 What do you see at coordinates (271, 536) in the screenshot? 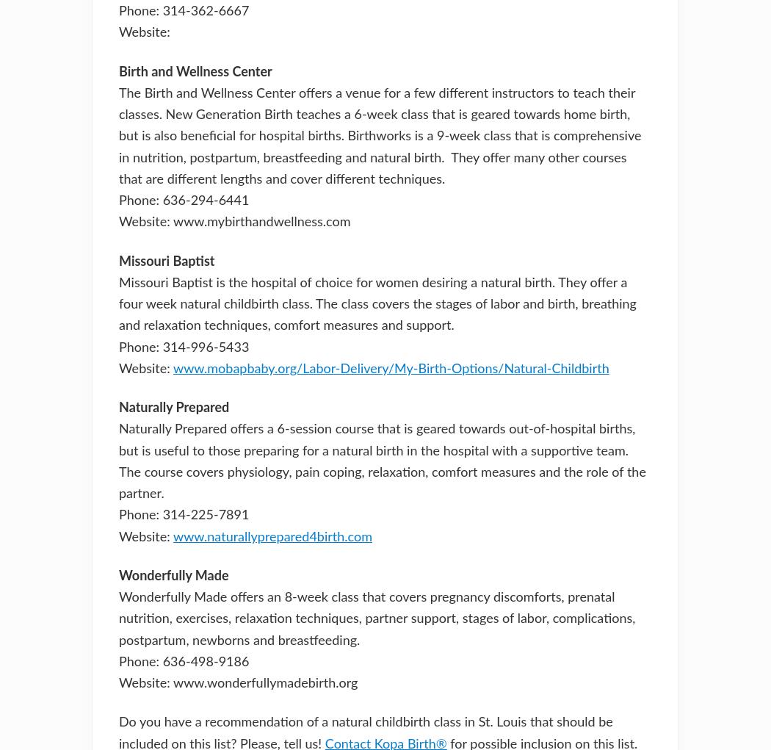
I see `'www.naturallyprepared4birth.com'` at bounding box center [271, 536].